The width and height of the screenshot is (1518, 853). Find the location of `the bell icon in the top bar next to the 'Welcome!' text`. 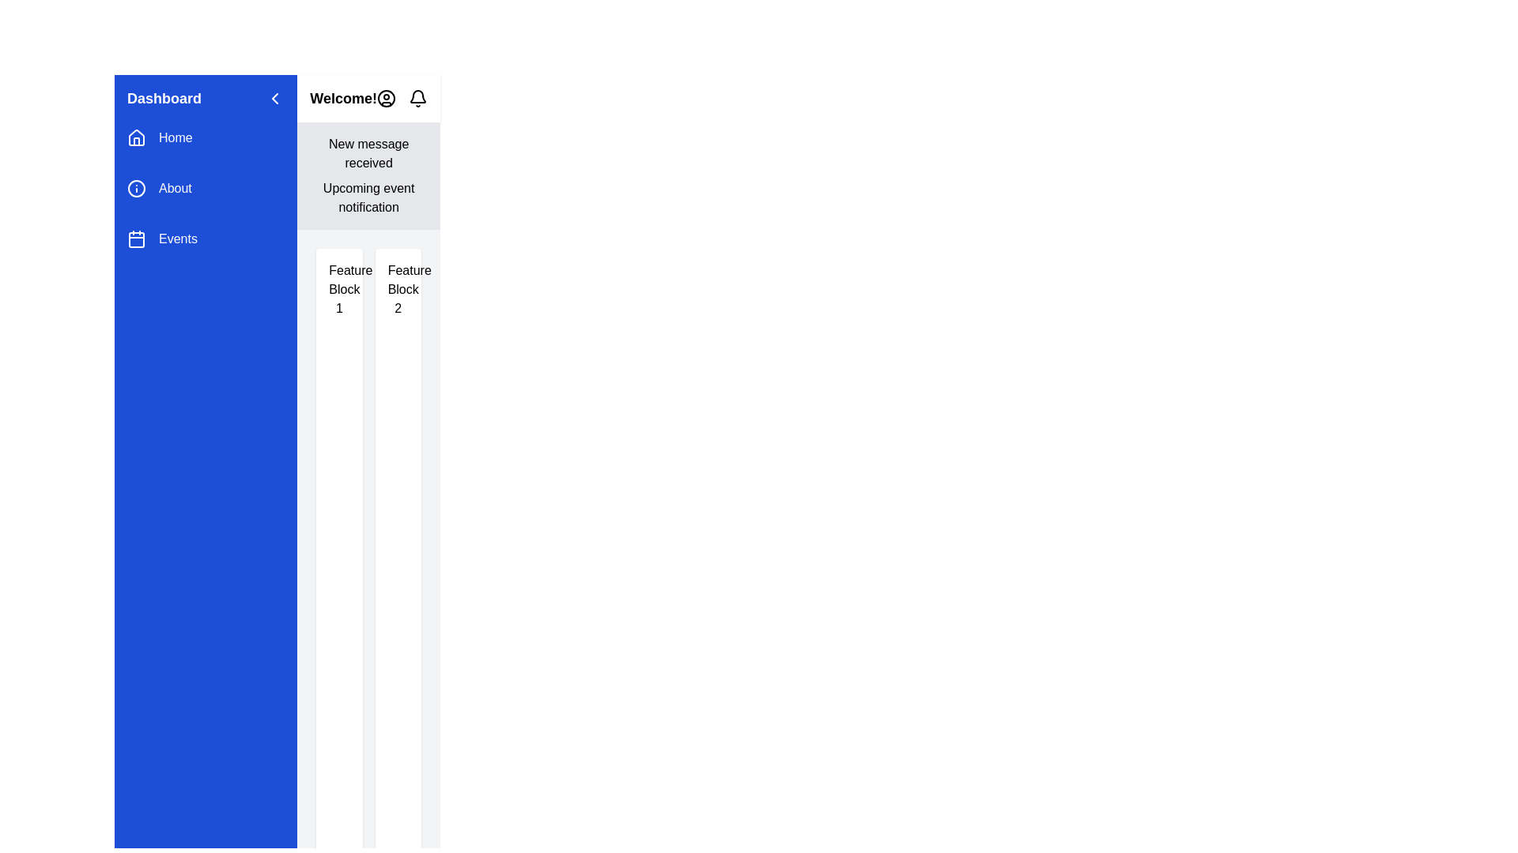

the bell icon in the top bar next to the 'Welcome!' text is located at coordinates (417, 96).